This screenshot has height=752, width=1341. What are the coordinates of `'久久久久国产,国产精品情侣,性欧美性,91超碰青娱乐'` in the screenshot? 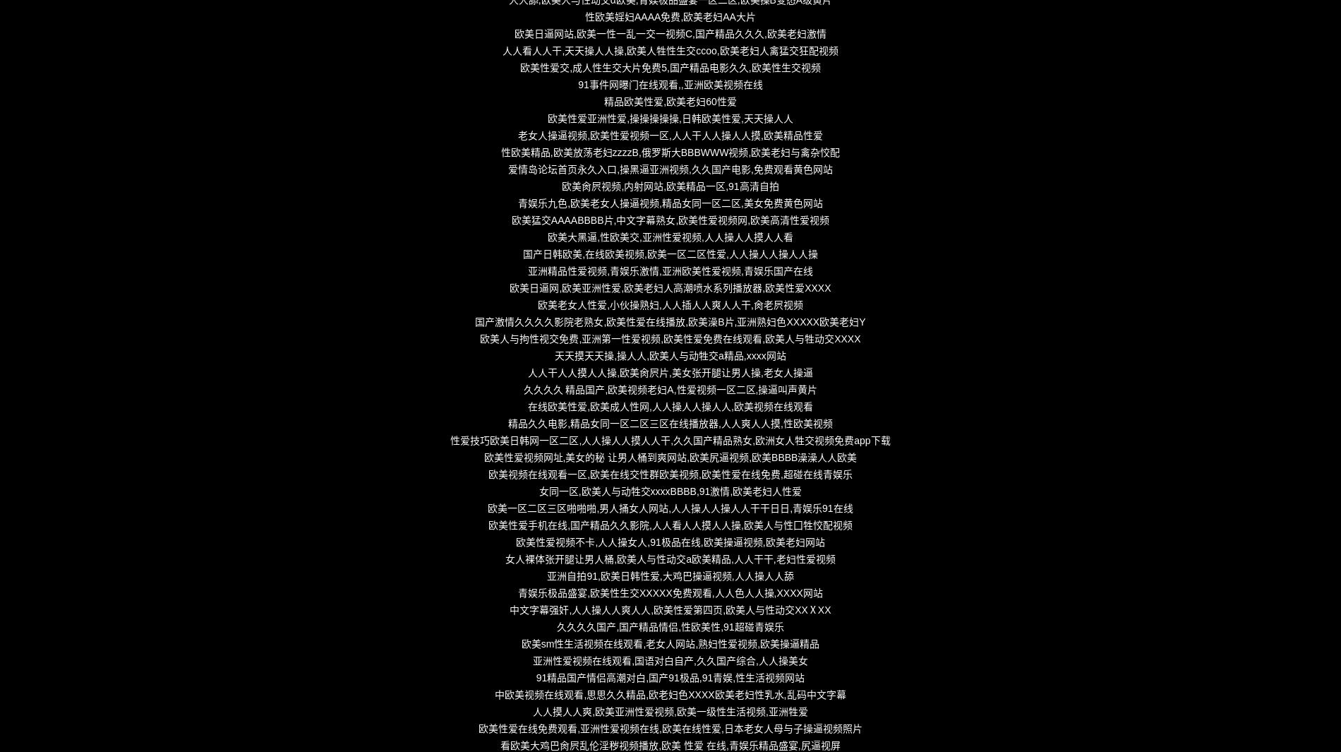 It's located at (556, 626).